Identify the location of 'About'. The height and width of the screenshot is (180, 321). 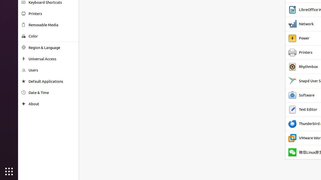
(52, 103).